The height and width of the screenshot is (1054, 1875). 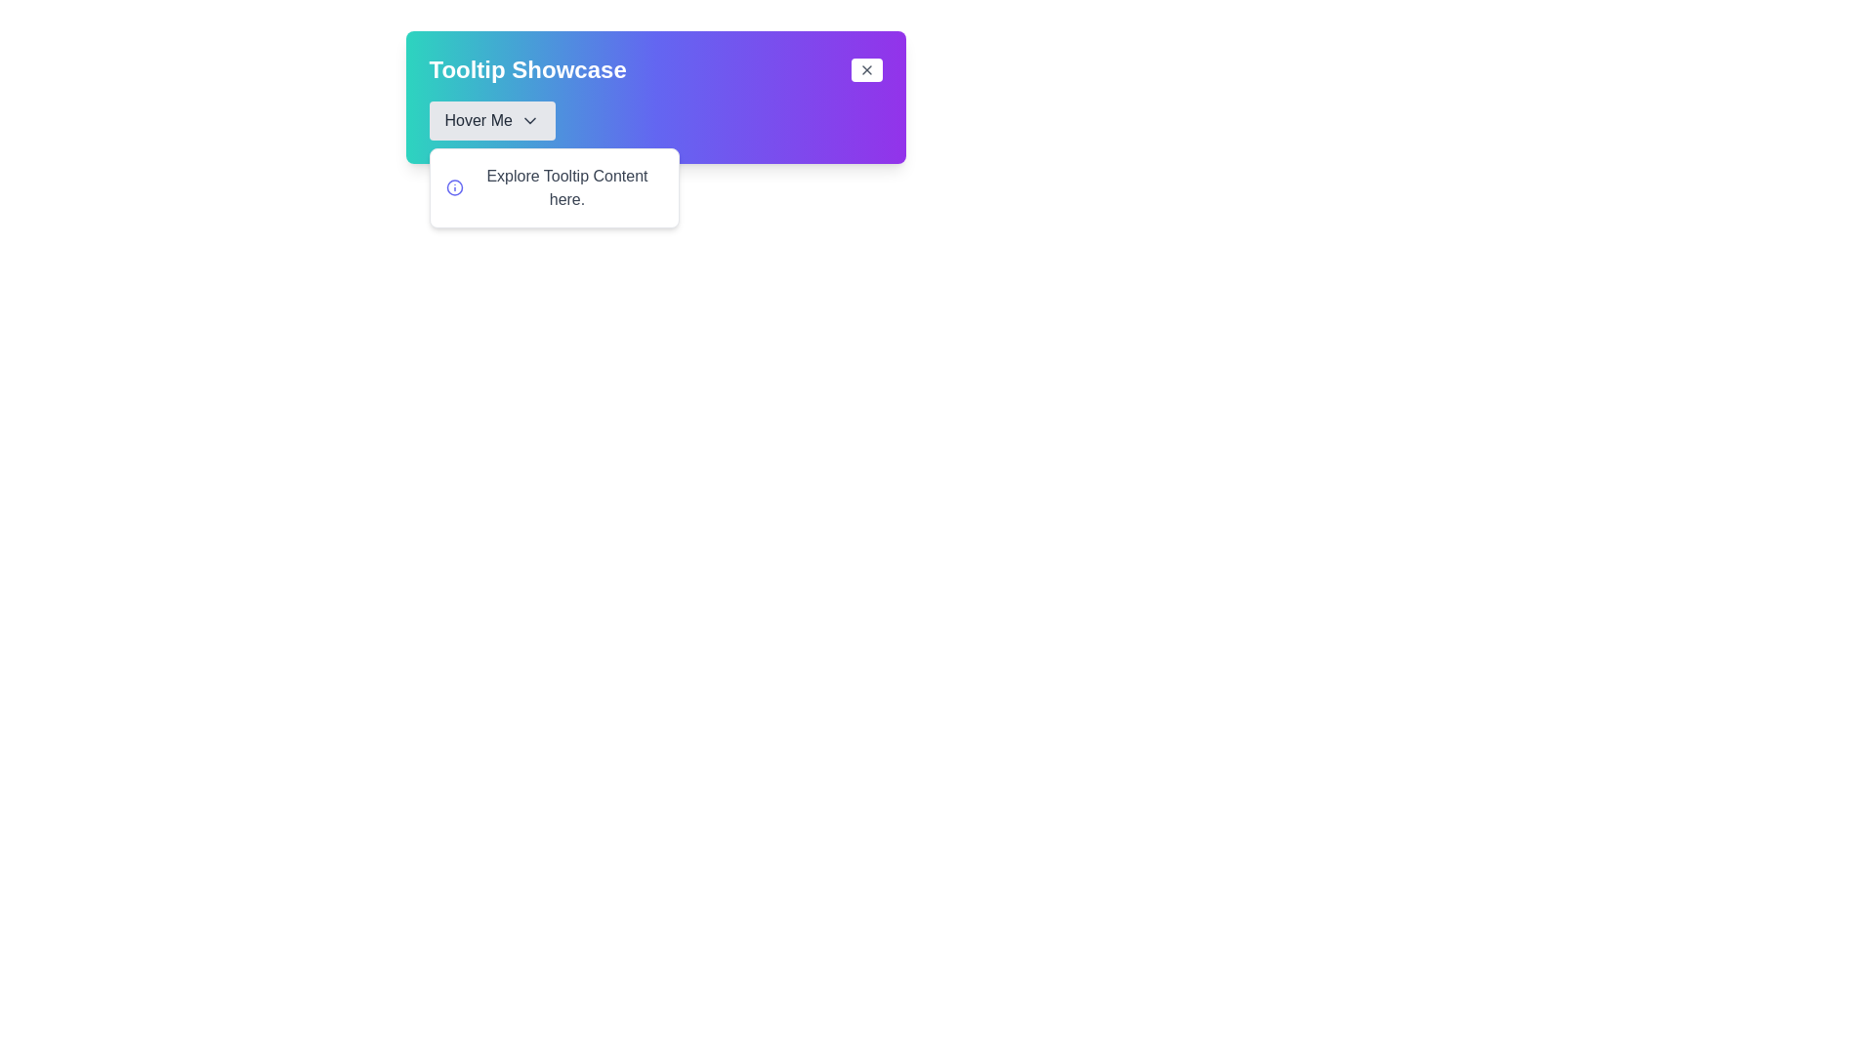 What do you see at coordinates (527, 69) in the screenshot?
I see `the Text Label at the top-left section of the interface, which indicates the theme or subject of the interface` at bounding box center [527, 69].